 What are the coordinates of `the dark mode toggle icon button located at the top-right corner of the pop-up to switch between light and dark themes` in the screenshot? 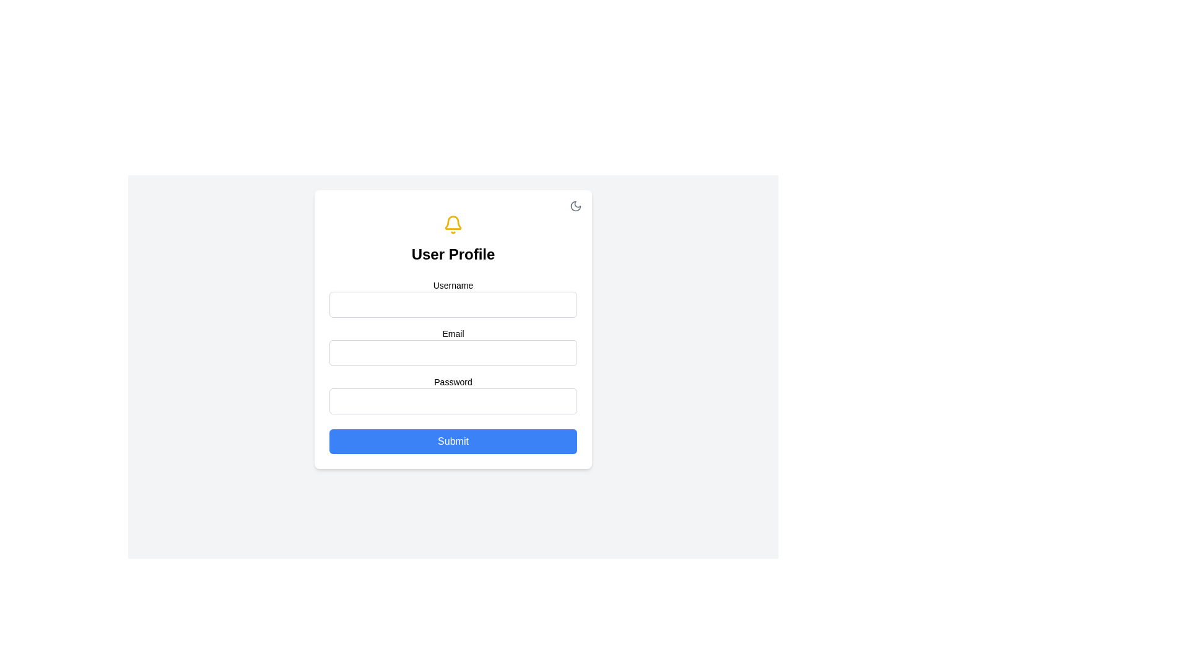 It's located at (575, 205).